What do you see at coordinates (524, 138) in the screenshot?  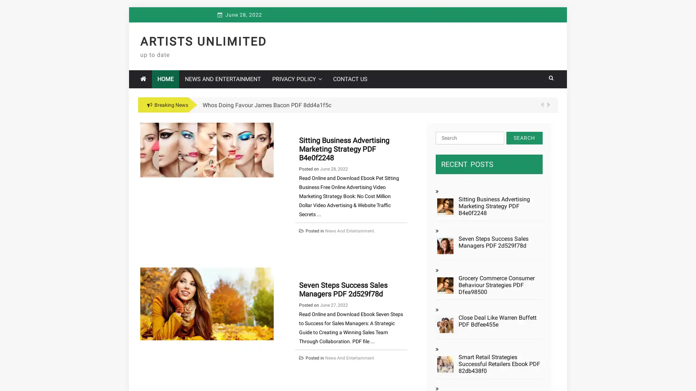 I see `Search` at bounding box center [524, 138].